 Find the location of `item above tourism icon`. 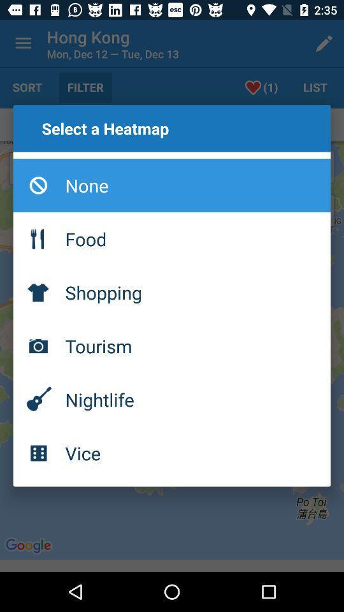

item above tourism icon is located at coordinates (172, 292).